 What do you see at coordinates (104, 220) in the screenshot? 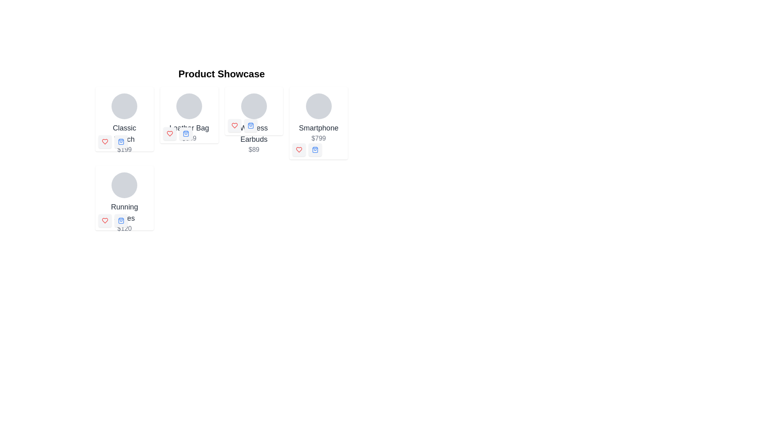
I see `the Interactive icon button located in the bottom-left corner of the 'Running Shoes' product card to mark or unmark it as a favorite` at bounding box center [104, 220].